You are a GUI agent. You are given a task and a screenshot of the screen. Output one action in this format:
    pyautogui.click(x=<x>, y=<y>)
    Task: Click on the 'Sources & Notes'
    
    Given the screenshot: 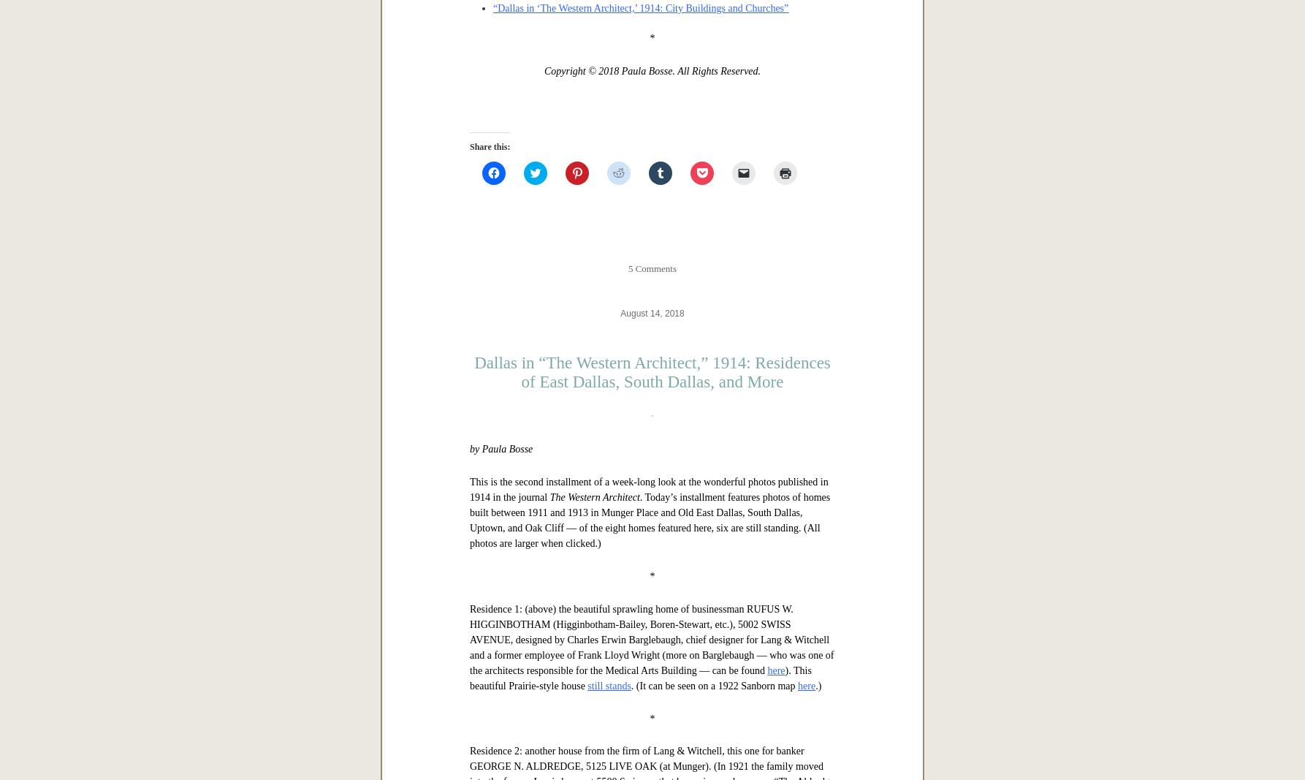 What is the action you would take?
    pyautogui.click(x=511, y=177)
    